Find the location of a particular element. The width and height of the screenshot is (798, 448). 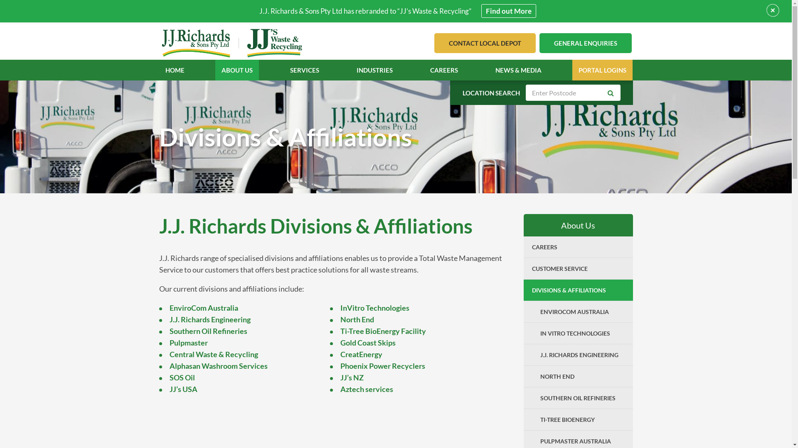

'ABOUT US' is located at coordinates (236, 70).